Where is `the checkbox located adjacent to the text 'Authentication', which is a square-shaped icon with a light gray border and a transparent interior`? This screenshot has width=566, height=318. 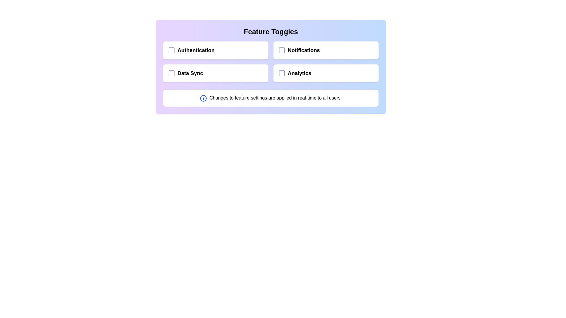 the checkbox located adjacent to the text 'Authentication', which is a square-shaped icon with a light gray border and a transparent interior is located at coordinates (171, 50).